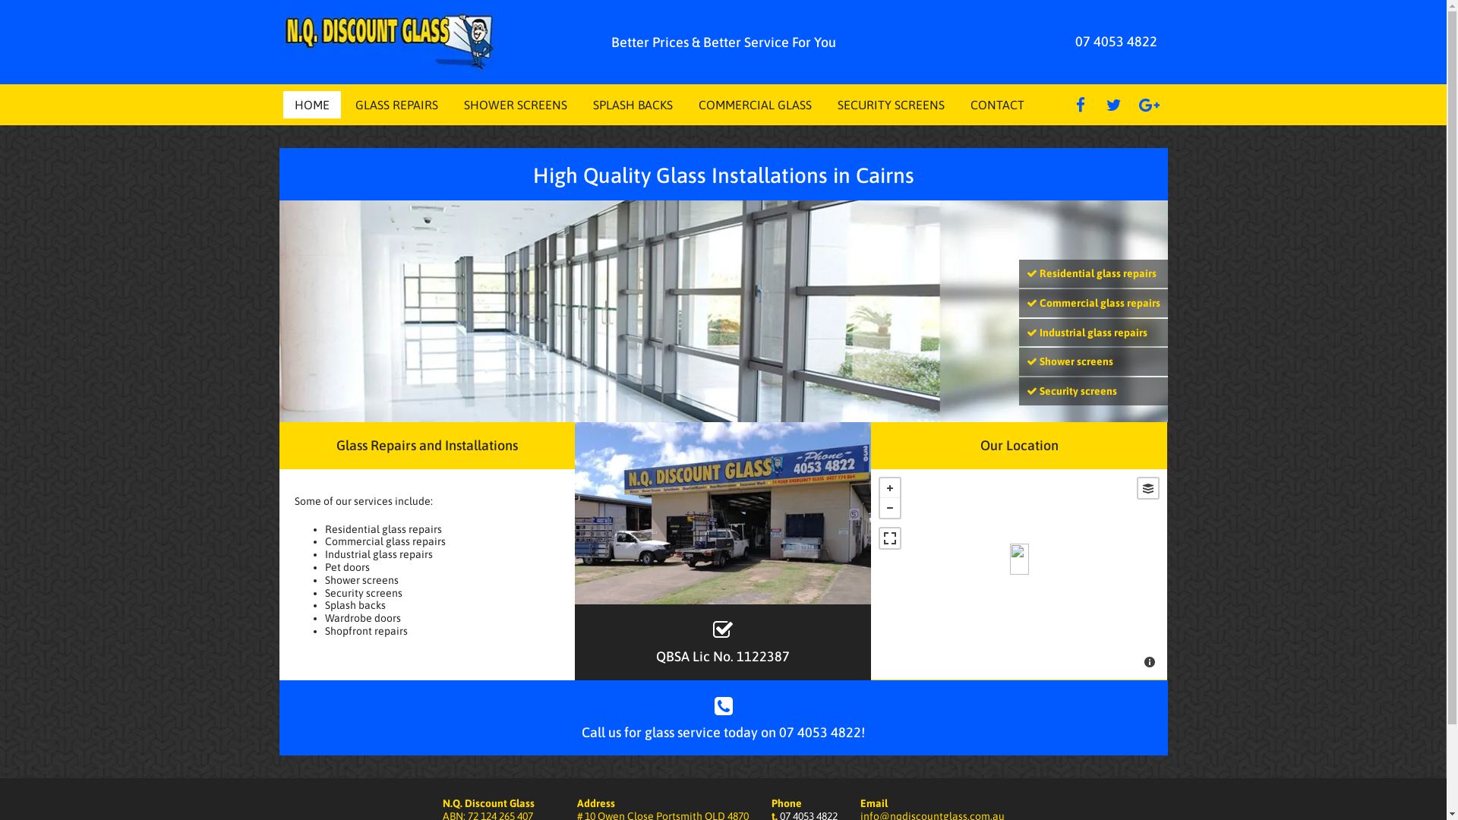 This screenshot has width=1458, height=820. Describe the element at coordinates (879, 507) in the screenshot. I see `'-'` at that location.